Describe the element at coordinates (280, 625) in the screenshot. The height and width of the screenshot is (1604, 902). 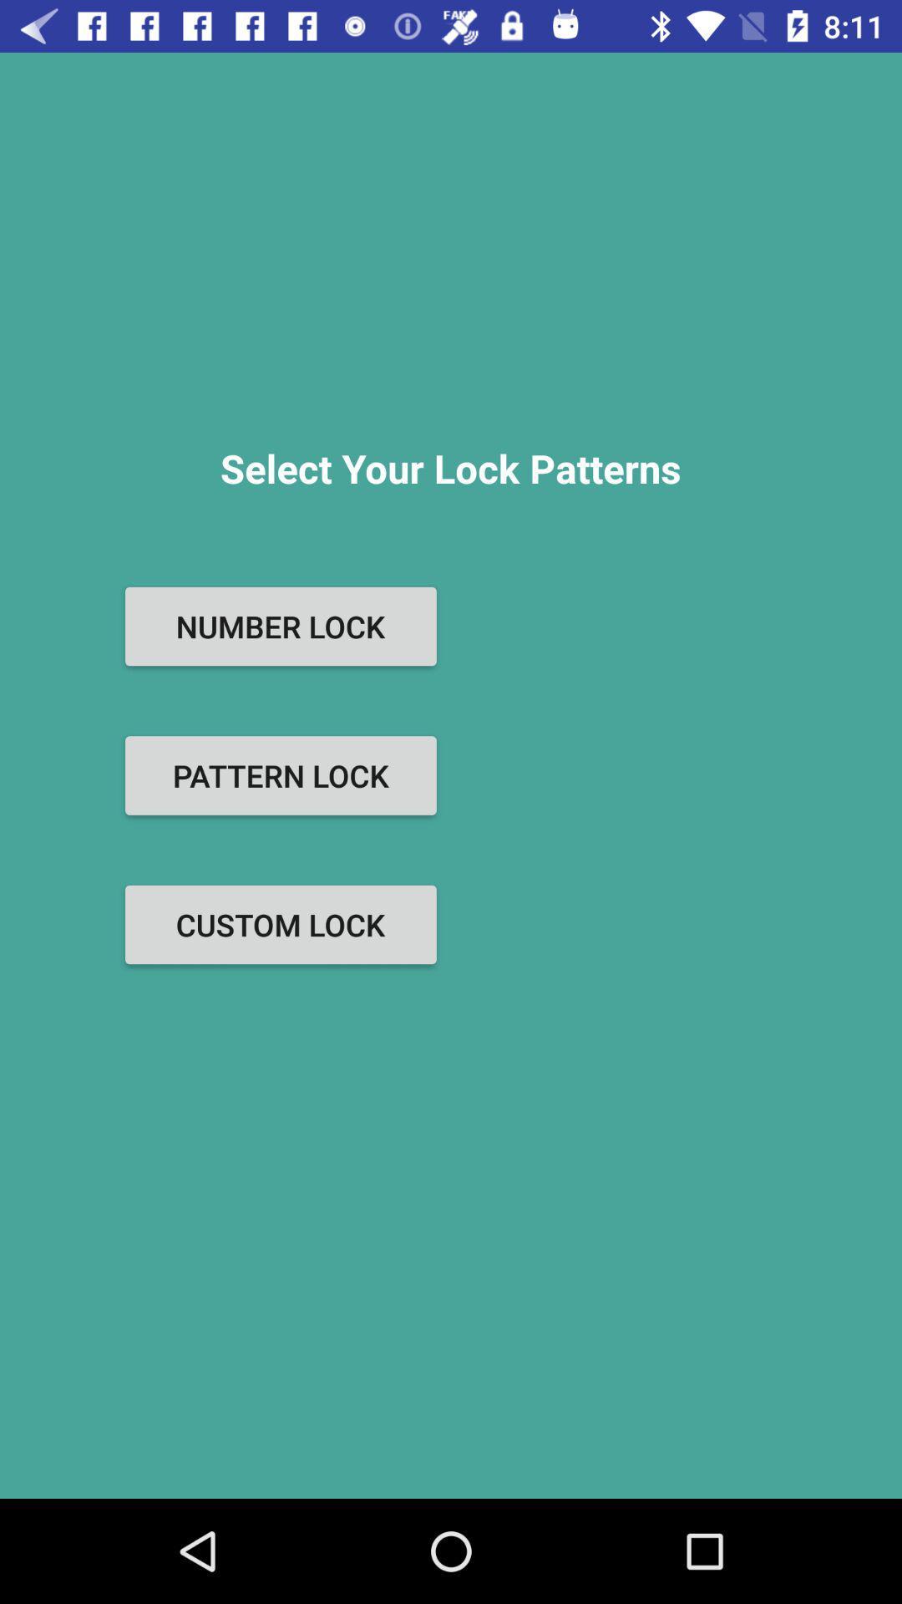
I see `icon above the pattern lock` at that location.